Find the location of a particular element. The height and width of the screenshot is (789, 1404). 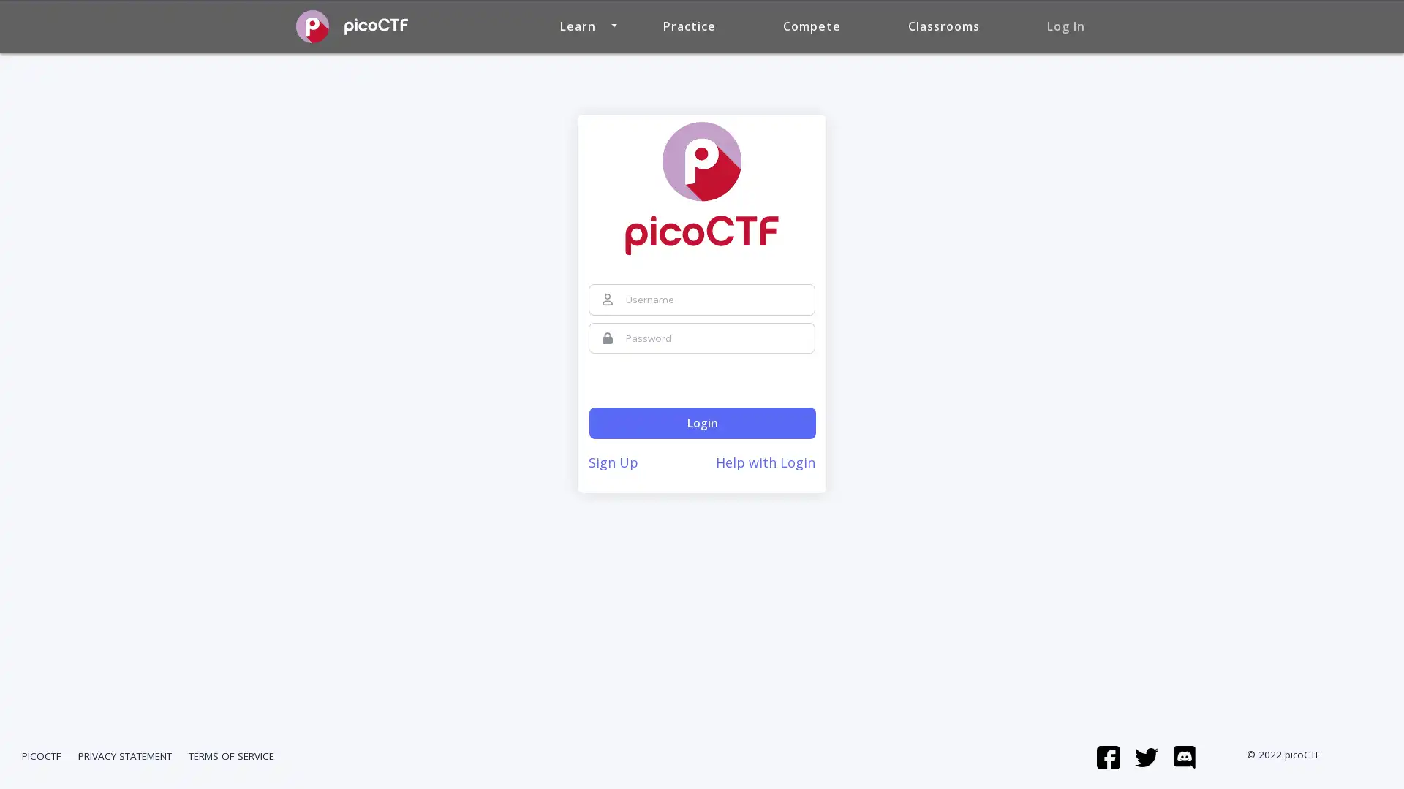

Login is located at coordinates (702, 423).